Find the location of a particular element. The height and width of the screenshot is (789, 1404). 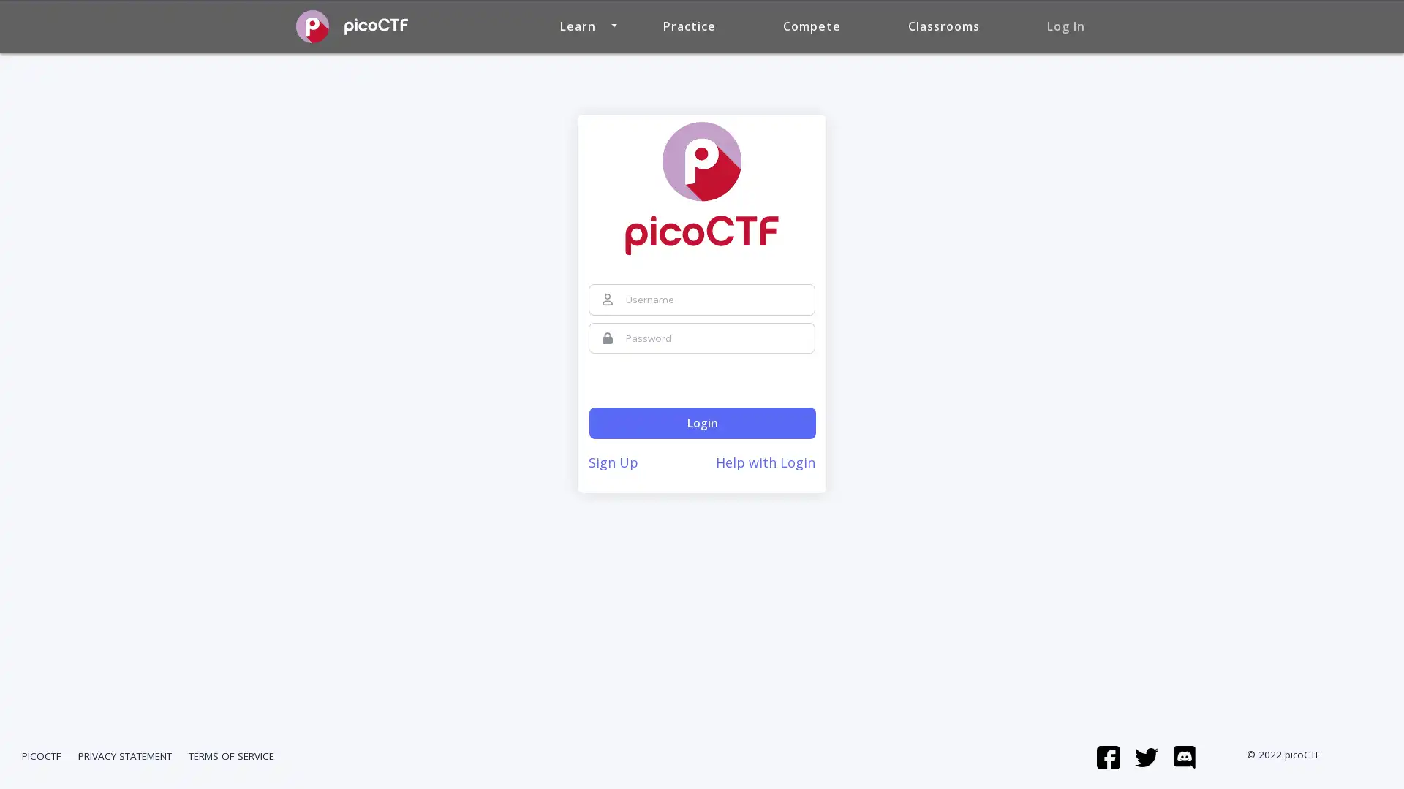

Login is located at coordinates (702, 423).